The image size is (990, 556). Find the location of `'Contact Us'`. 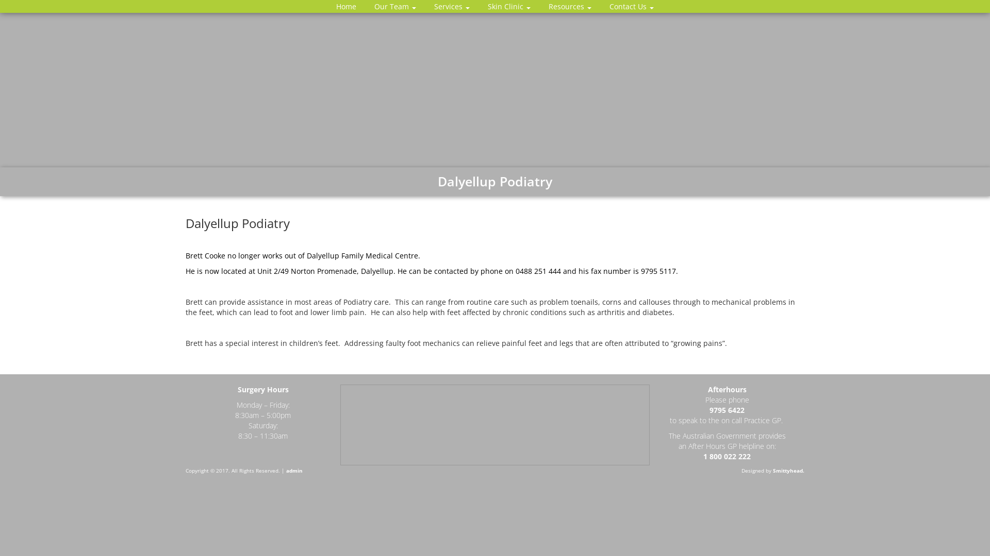

'Contact Us' is located at coordinates (631, 6).